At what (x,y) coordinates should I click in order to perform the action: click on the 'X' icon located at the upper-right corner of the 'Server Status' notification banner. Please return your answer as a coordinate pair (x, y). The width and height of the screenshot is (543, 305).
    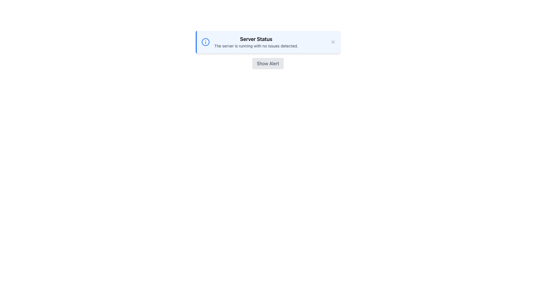
    Looking at the image, I should click on (333, 42).